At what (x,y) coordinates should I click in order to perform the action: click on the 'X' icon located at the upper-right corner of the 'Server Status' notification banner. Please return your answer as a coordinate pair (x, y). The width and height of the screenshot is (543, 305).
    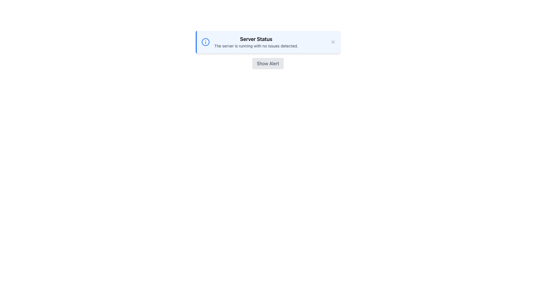
    Looking at the image, I should click on (333, 42).